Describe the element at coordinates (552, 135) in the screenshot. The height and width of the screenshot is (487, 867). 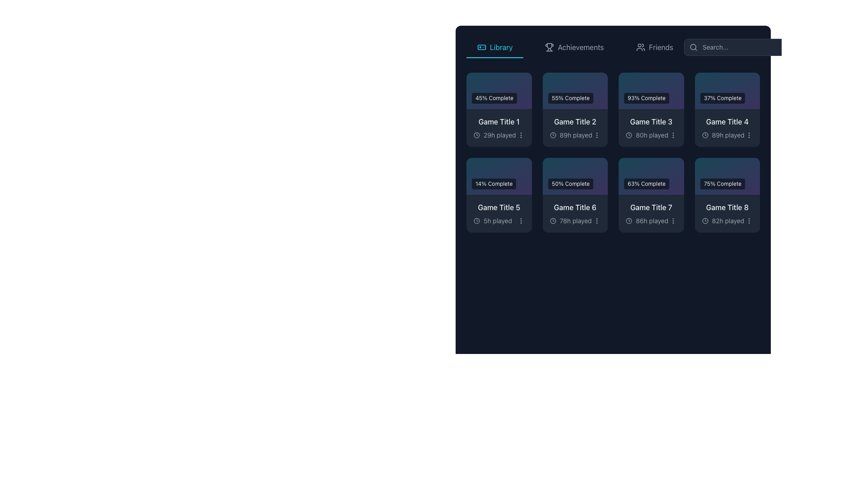
I see `the clock icon located to the immediate left of the text '89h played' in the summary information of 'Game Title 2' in the second column of the first row of the grid` at that location.